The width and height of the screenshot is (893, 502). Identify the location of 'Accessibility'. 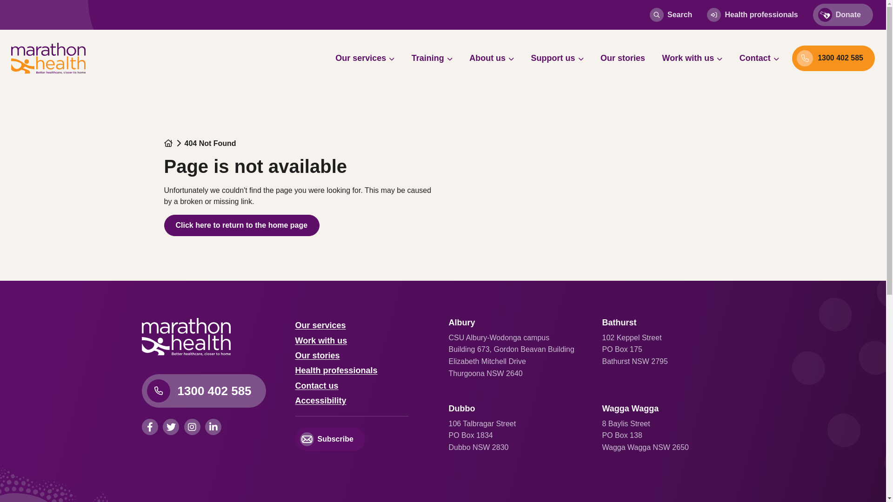
(320, 400).